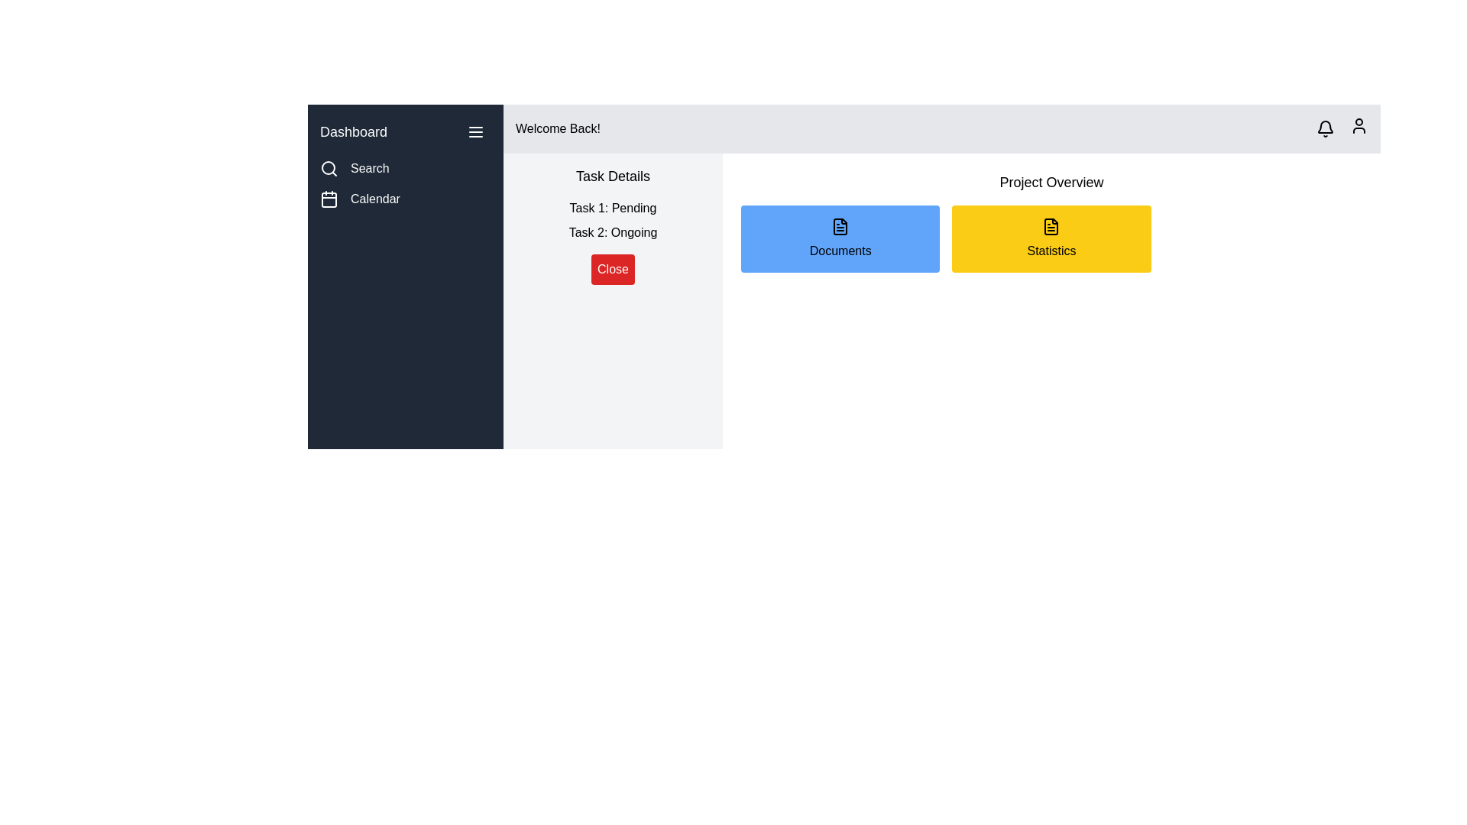 This screenshot has width=1467, height=825. What do you see at coordinates (475, 131) in the screenshot?
I see `the menu icon consisting of three horizontally aligned white lines in the top-left corner of the interface` at bounding box center [475, 131].